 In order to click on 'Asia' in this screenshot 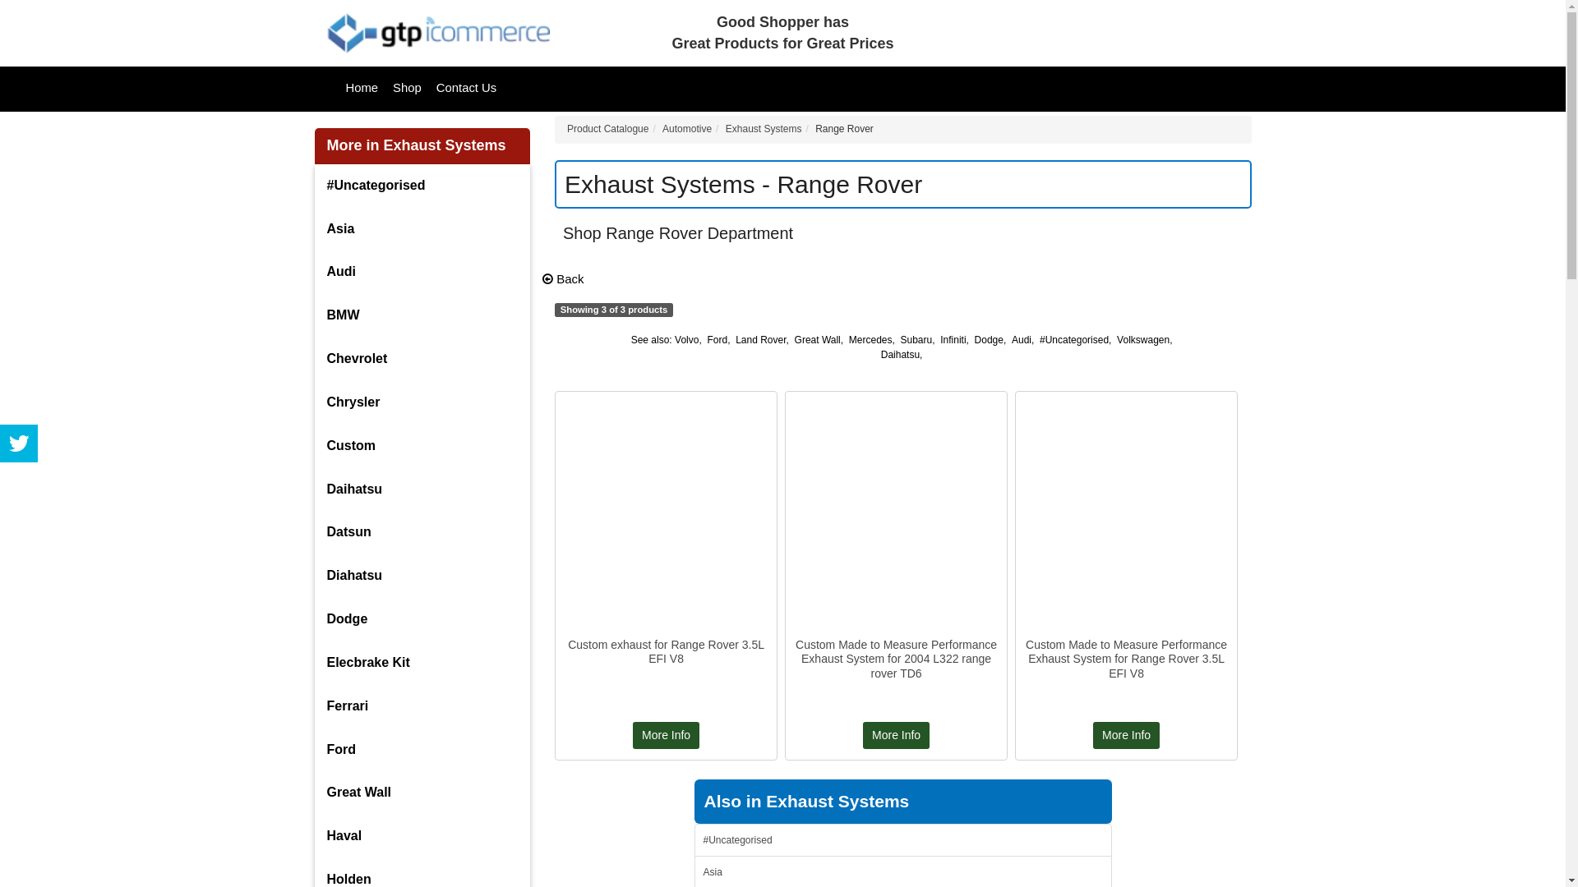, I will do `click(422, 229)`.